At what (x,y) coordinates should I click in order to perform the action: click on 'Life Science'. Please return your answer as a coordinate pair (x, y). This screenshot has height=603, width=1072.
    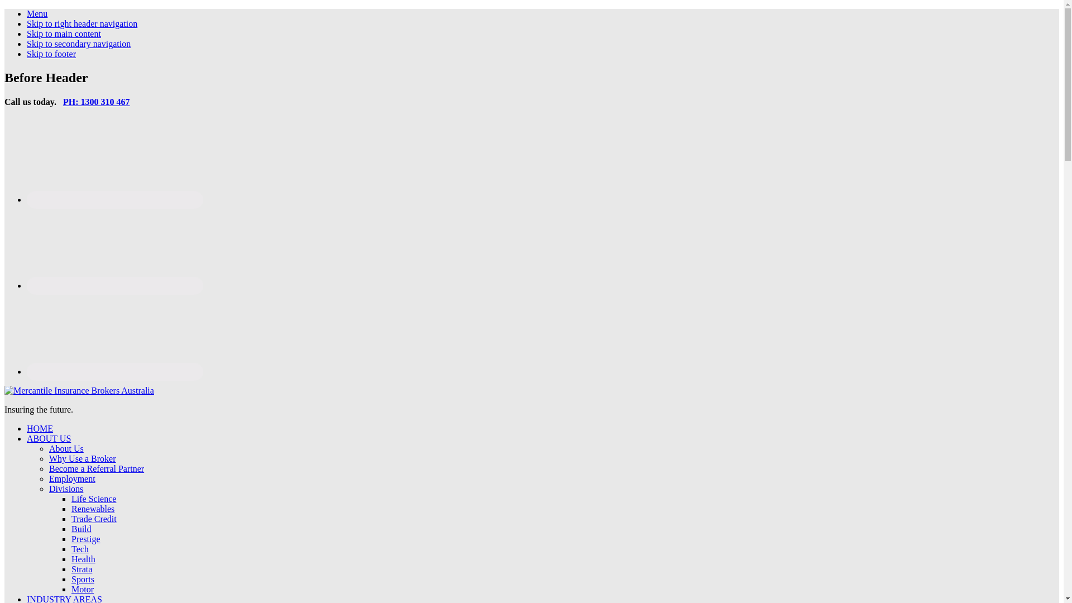
    Looking at the image, I should click on (94, 498).